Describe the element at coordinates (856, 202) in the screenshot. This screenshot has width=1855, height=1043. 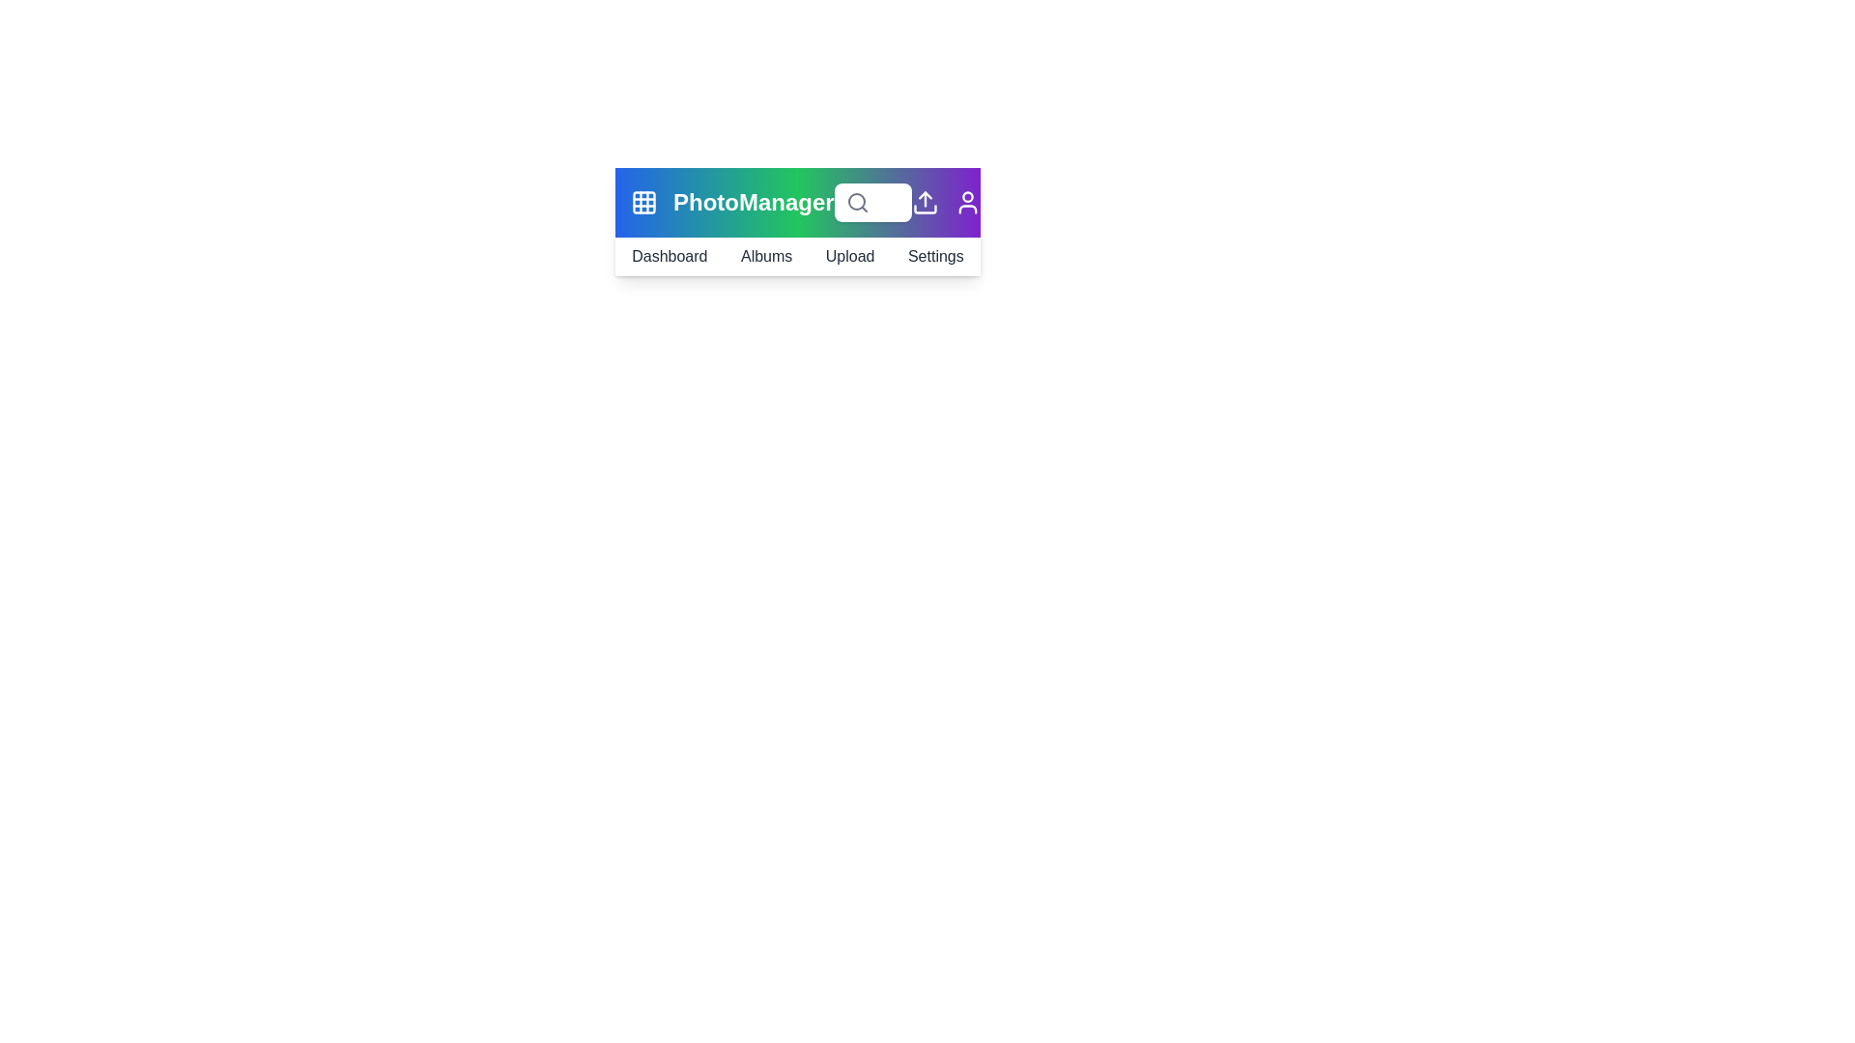
I see `the search icon to execute a search` at that location.